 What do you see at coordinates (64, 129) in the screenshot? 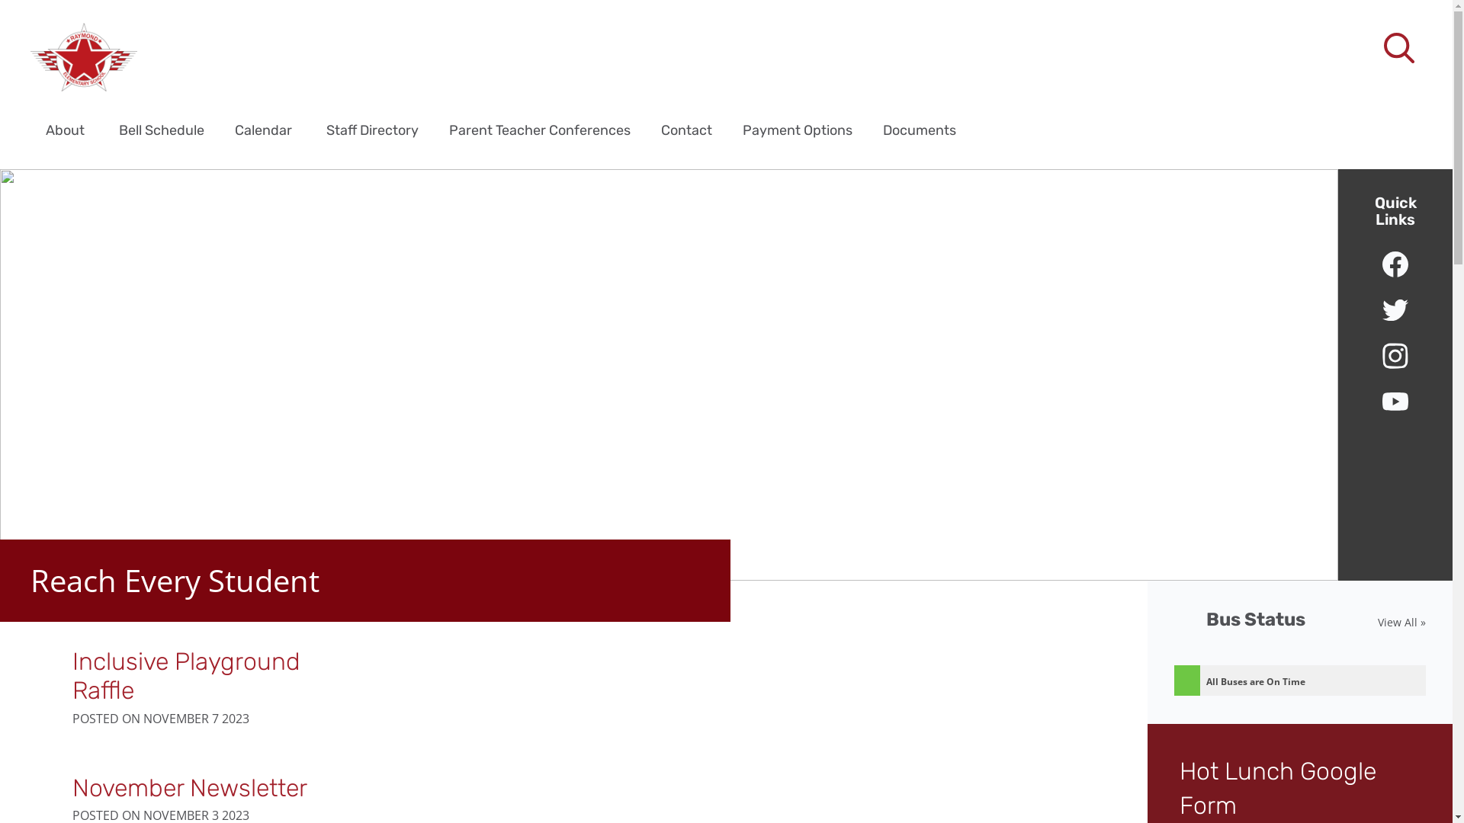
I see `'About'` at bounding box center [64, 129].